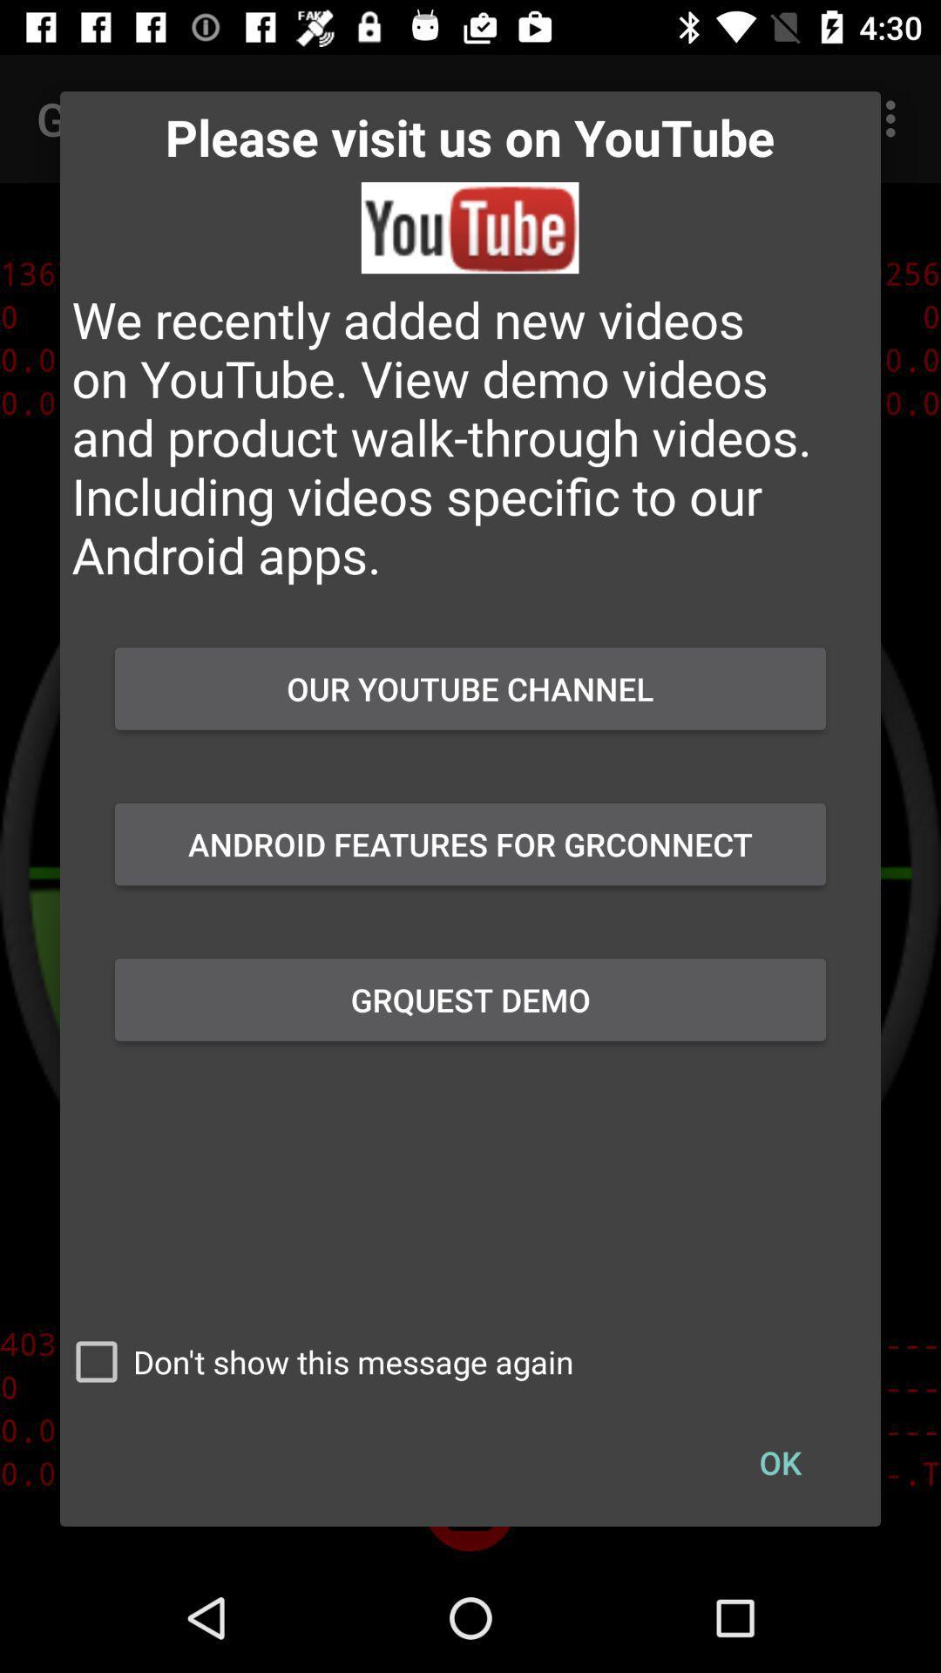 The image size is (941, 1673). I want to click on button below grquest demo, so click(779, 1462).